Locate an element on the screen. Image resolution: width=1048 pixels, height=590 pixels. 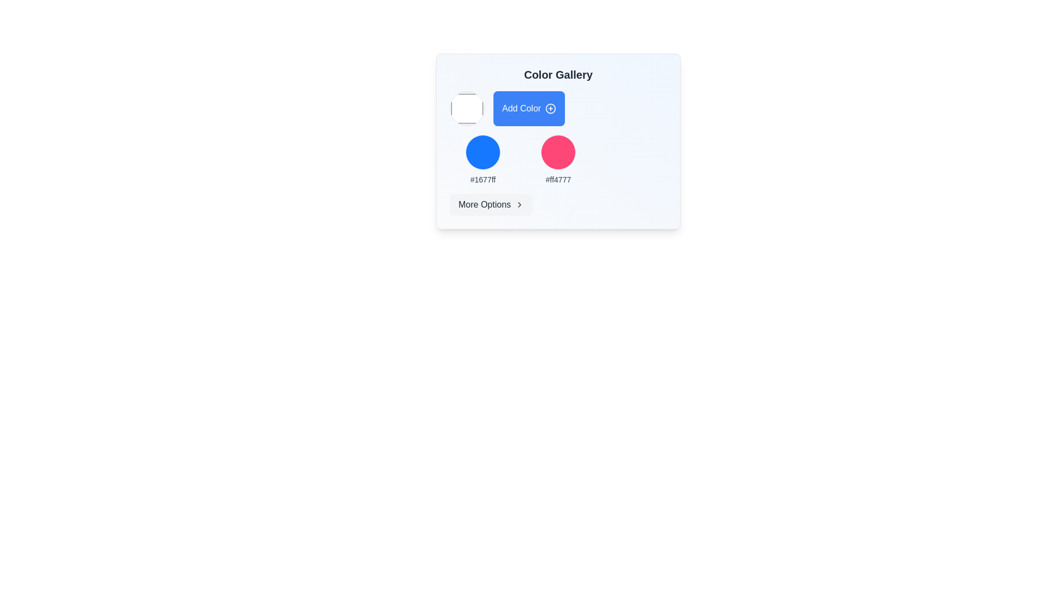
the text label indicating the functionality of adding a color, which is located within the 'Color Gallery' button is located at coordinates (521, 109).